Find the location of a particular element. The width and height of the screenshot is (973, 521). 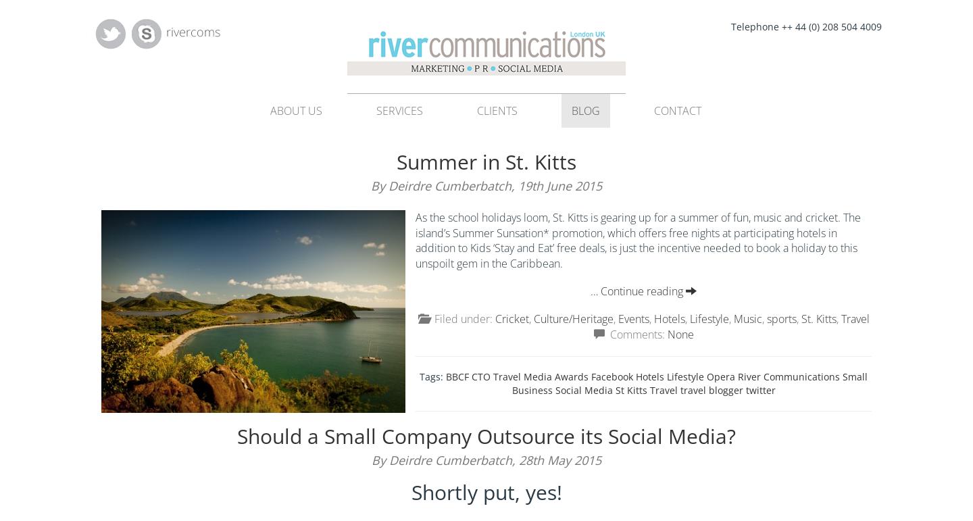

'Tags:' is located at coordinates (432, 376).